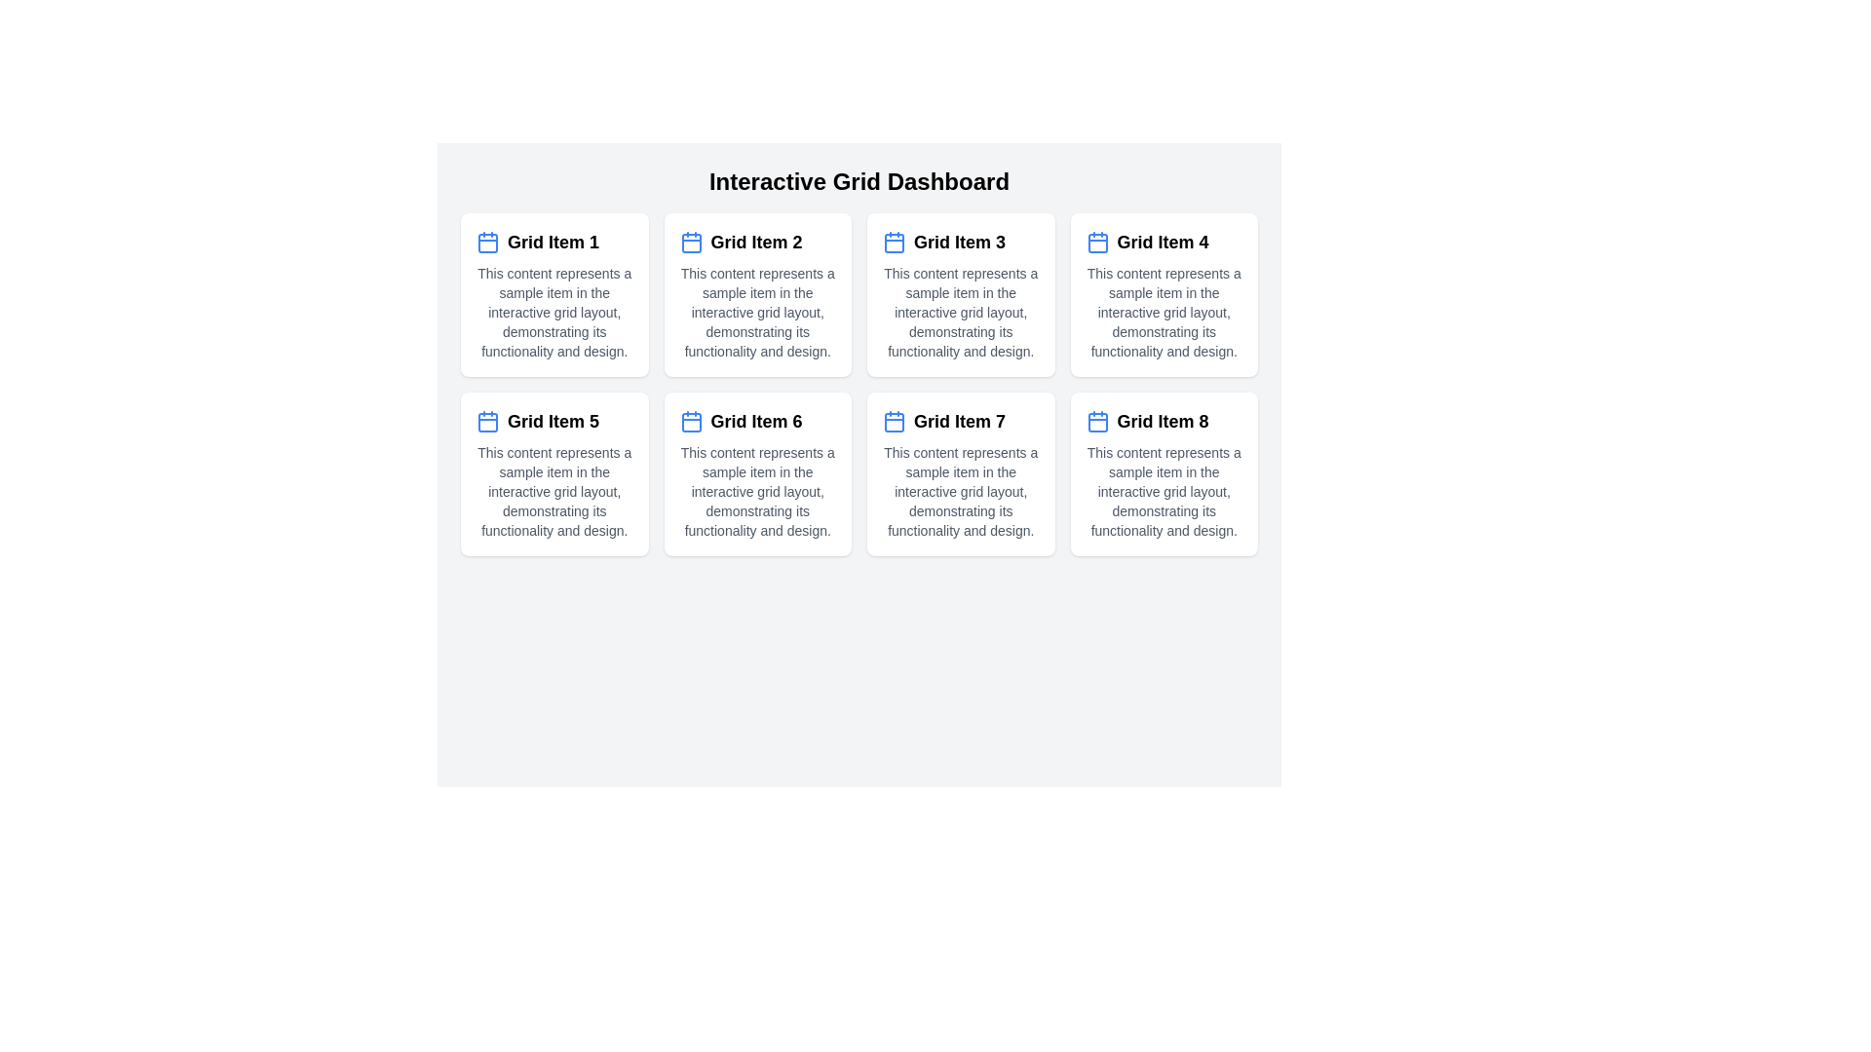 Image resolution: width=1871 pixels, height=1052 pixels. What do you see at coordinates (1164, 420) in the screenshot?
I see `the Label with an accompanying icon that serves as a title for 'Grid Item 8', located in the last column of the second row` at bounding box center [1164, 420].